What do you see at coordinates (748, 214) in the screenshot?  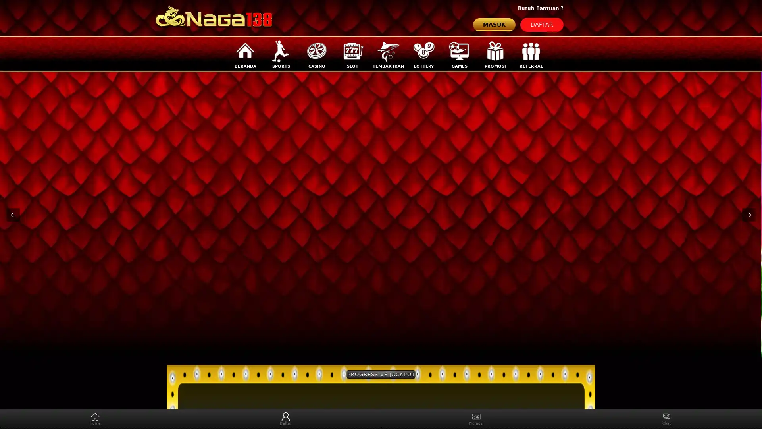 I see `Next item in carousel (2 of 4)` at bounding box center [748, 214].